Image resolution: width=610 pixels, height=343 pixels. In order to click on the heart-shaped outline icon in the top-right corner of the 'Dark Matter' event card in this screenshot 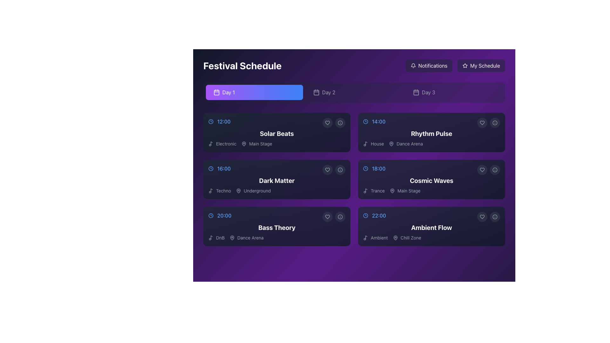, I will do `click(328, 170)`.